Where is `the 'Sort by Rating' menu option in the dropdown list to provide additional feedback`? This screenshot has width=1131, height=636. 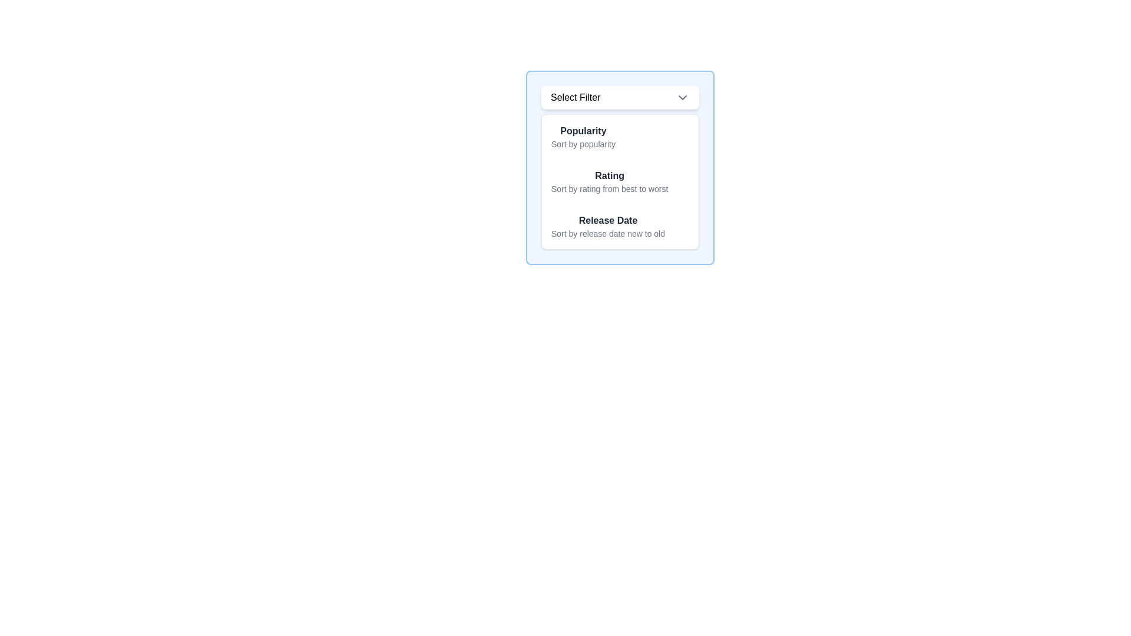 the 'Sort by Rating' menu option in the dropdown list to provide additional feedback is located at coordinates (610, 181).